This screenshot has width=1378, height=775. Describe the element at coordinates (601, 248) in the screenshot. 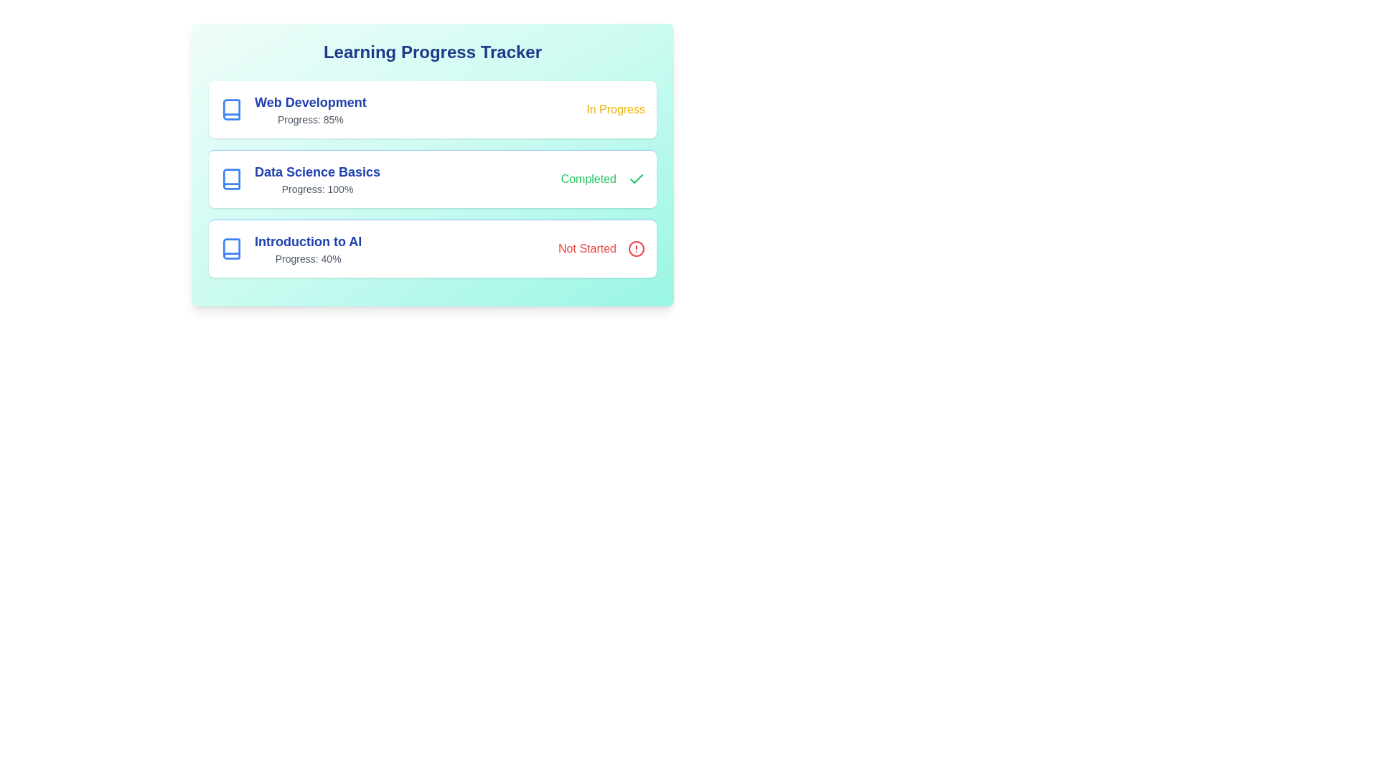

I see `the status icon for Introduction to AI to view its status-specific actions` at that location.